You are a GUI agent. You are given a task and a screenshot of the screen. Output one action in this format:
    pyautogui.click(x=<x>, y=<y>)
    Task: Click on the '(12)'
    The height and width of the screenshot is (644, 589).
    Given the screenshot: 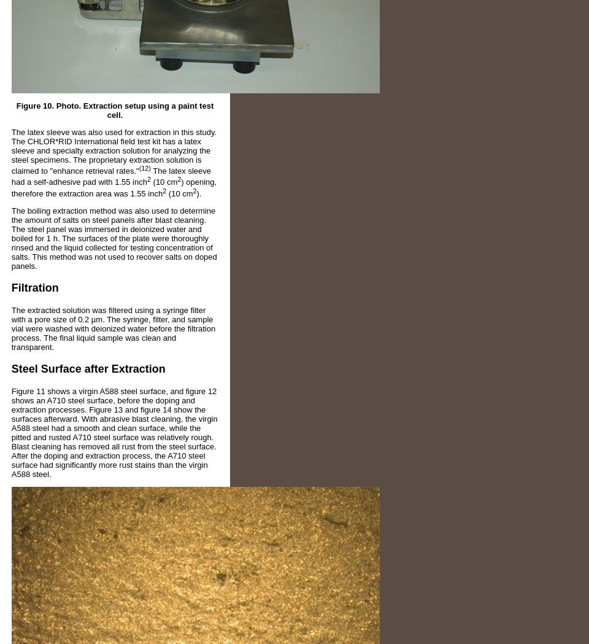 What is the action you would take?
    pyautogui.click(x=144, y=167)
    